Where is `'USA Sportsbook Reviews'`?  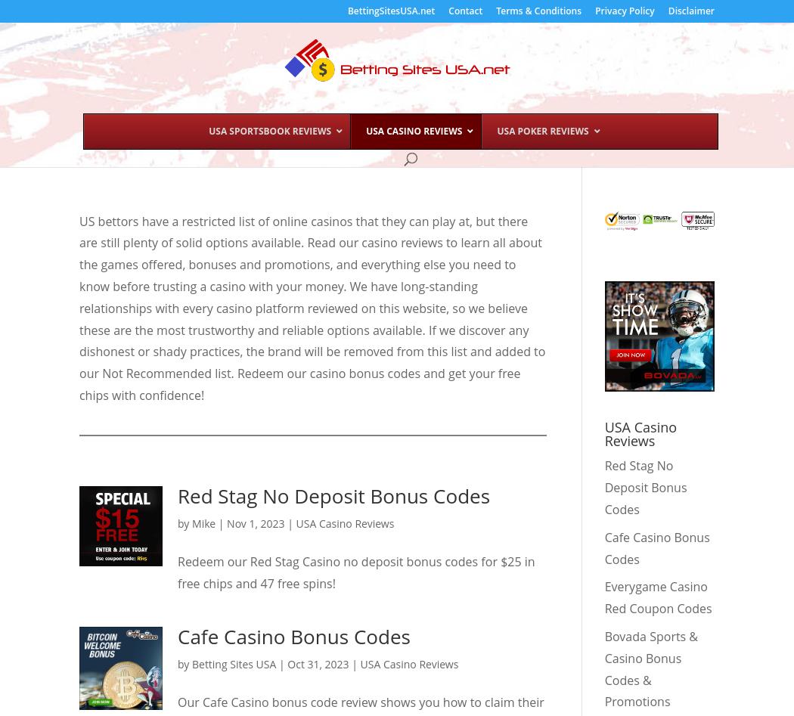
'USA Sportsbook Reviews' is located at coordinates (269, 130).